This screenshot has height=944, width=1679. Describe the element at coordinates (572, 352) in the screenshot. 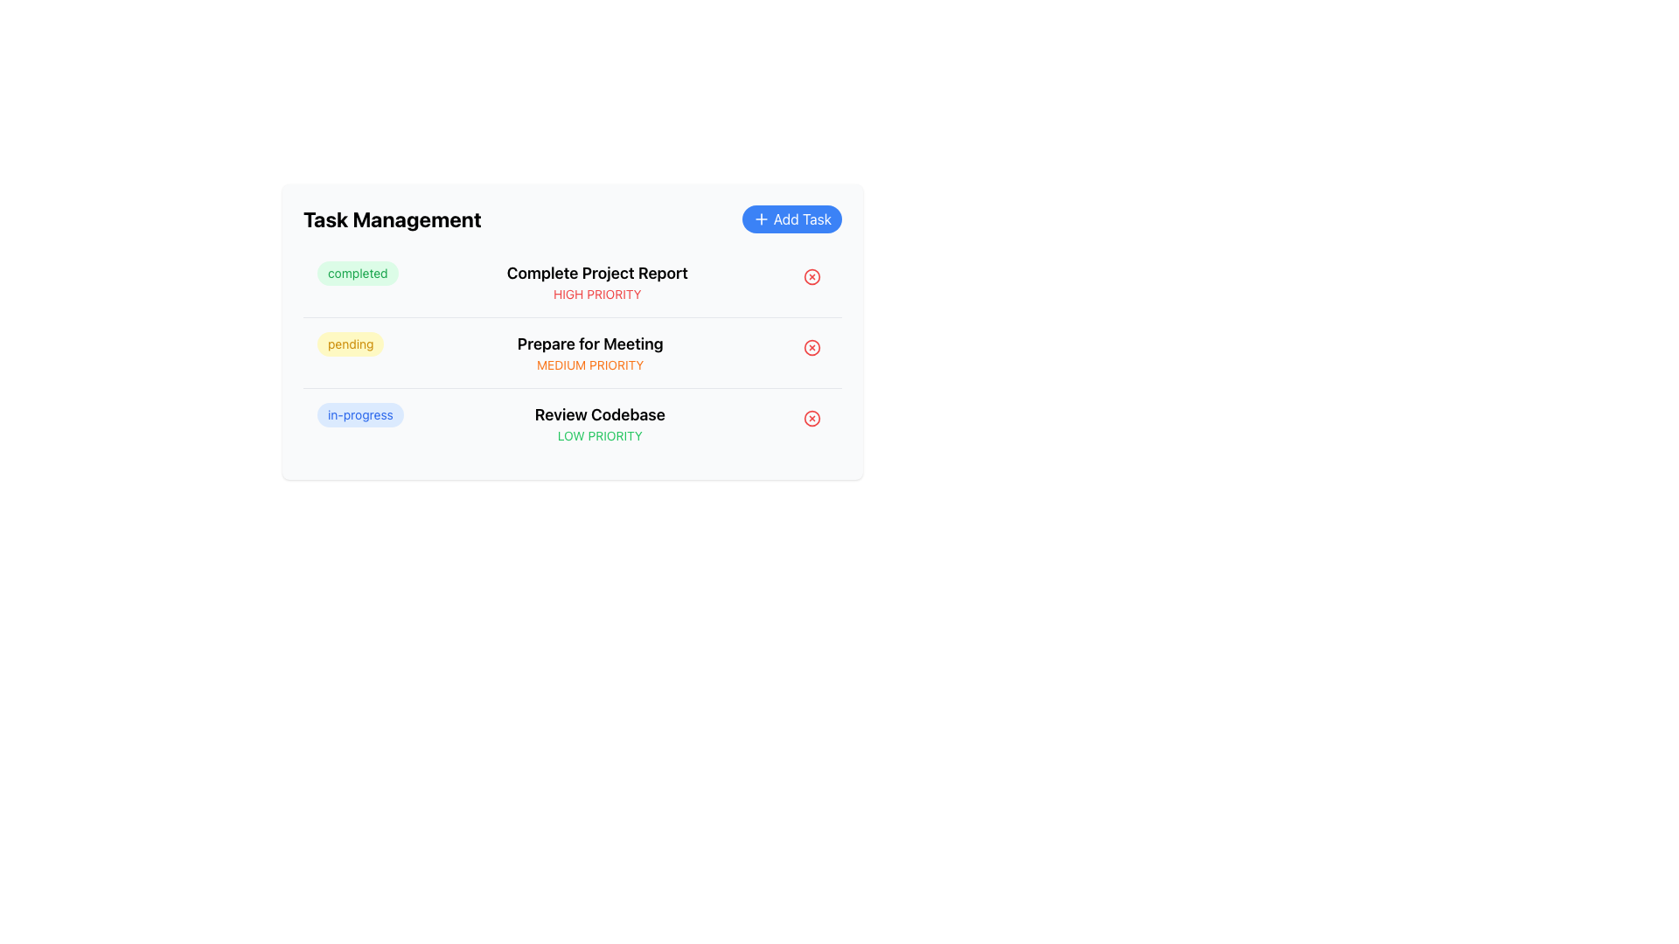

I see `details of the second task item in the Task Management list, which includes a status marker indicating 'pending', a title 'Prepare for Meeting', and a priority label 'MEDIUM PRIORITY'` at that location.